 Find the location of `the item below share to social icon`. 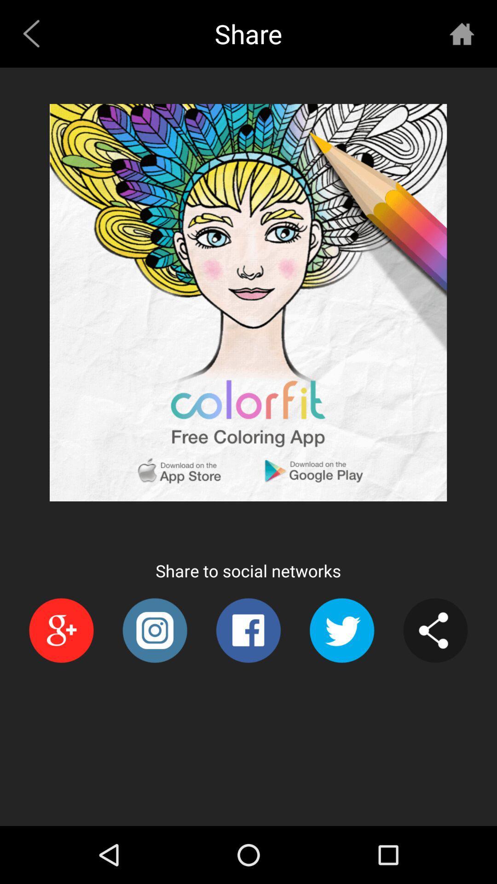

the item below share to social icon is located at coordinates (248, 630).